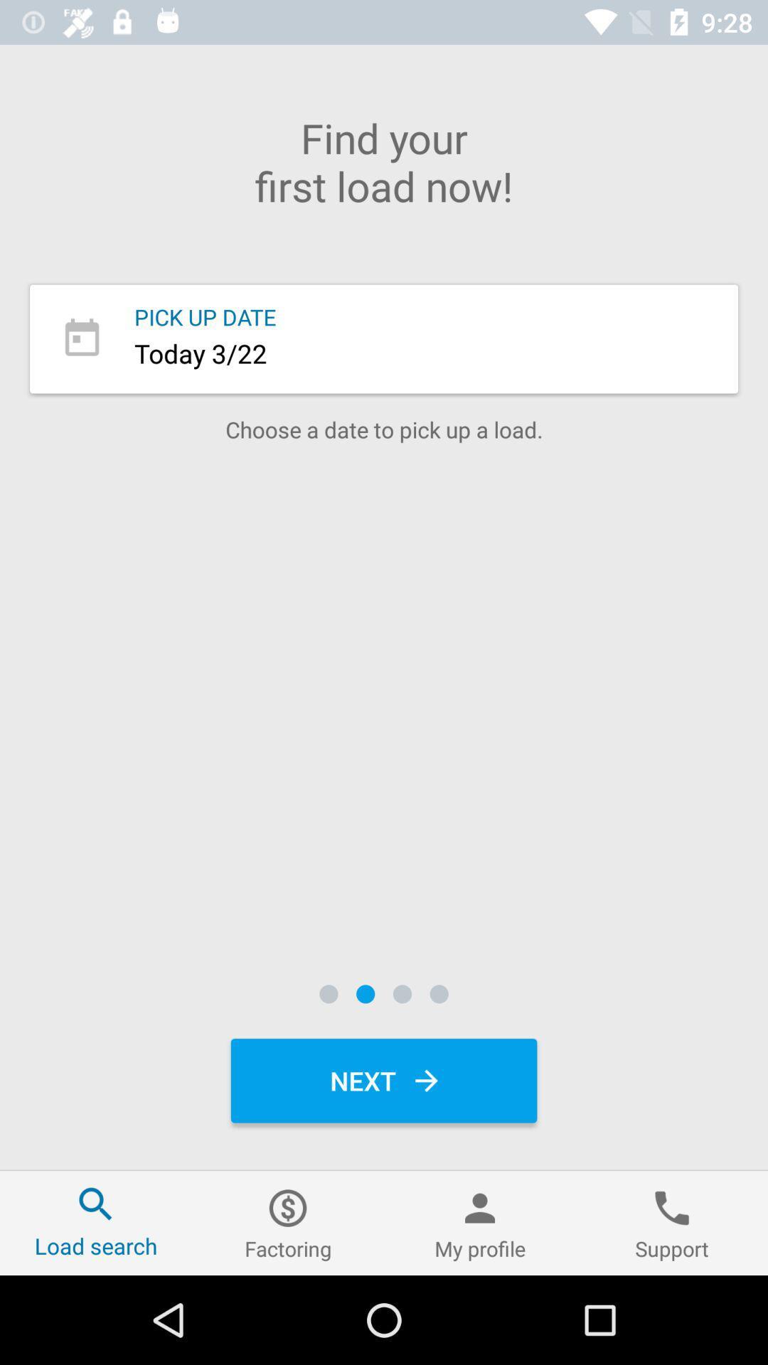 This screenshot has width=768, height=1365. I want to click on item to the left of factoring icon, so click(96, 1222).